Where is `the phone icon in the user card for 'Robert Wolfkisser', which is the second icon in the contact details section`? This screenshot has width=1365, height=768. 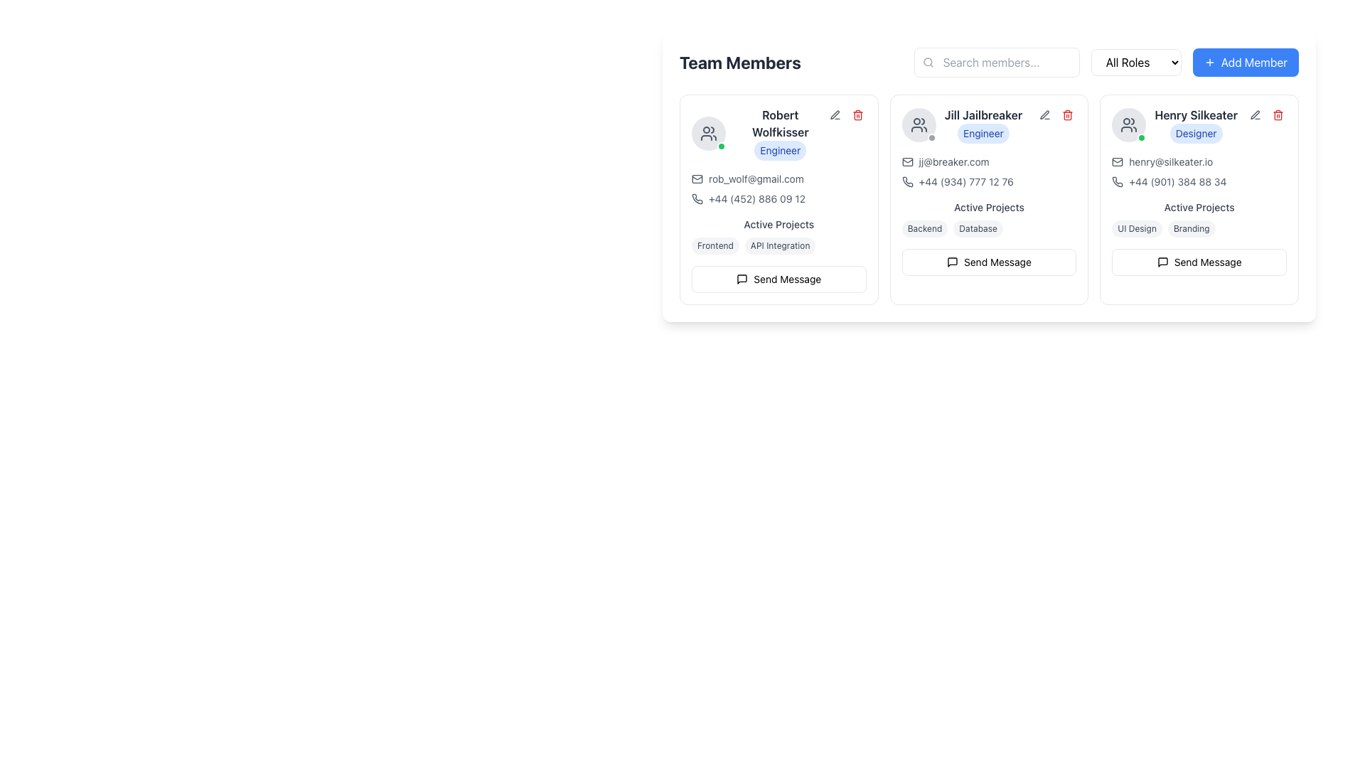
the phone icon in the user card for 'Robert Wolfkisser', which is the second icon in the contact details section is located at coordinates (697, 198).